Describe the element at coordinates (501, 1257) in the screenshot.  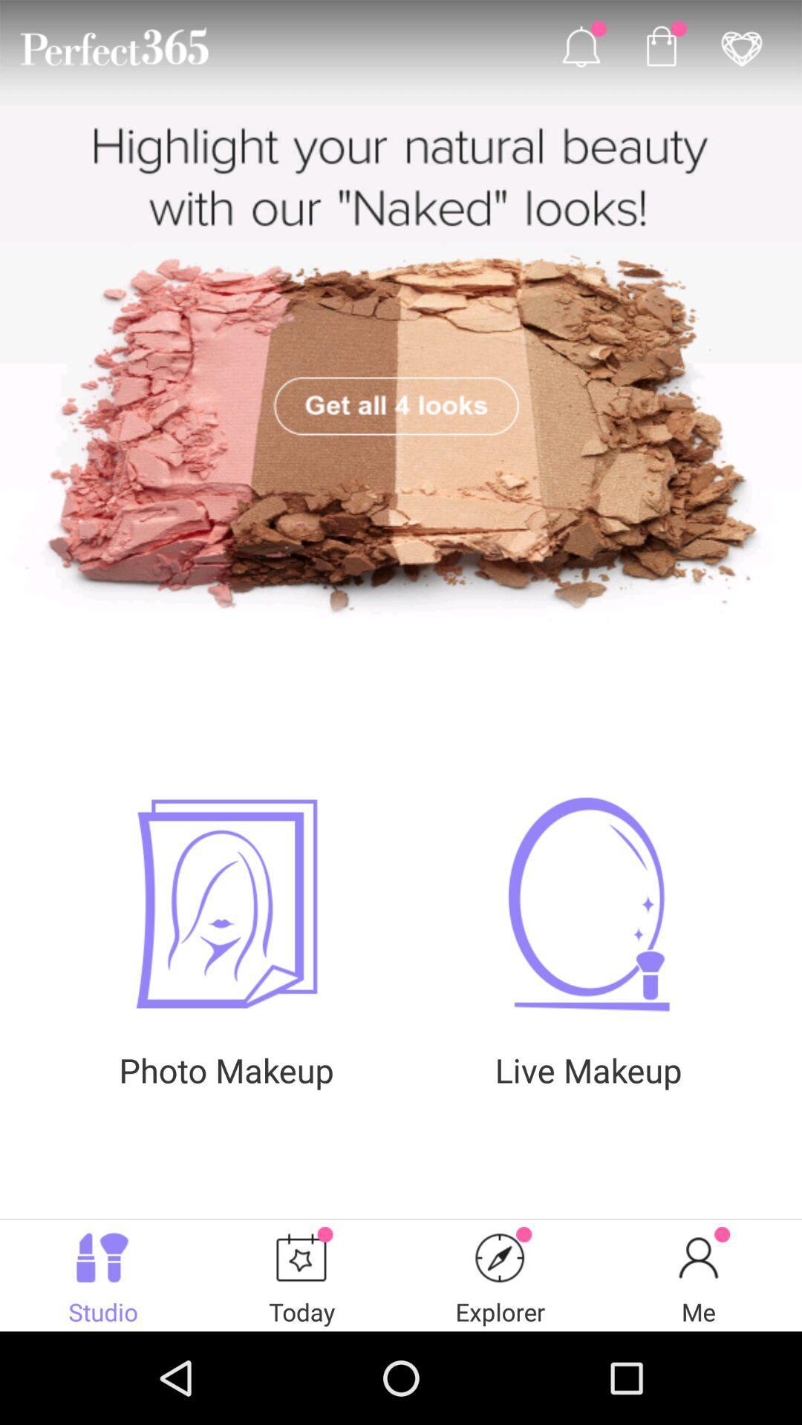
I see `explorer` at that location.